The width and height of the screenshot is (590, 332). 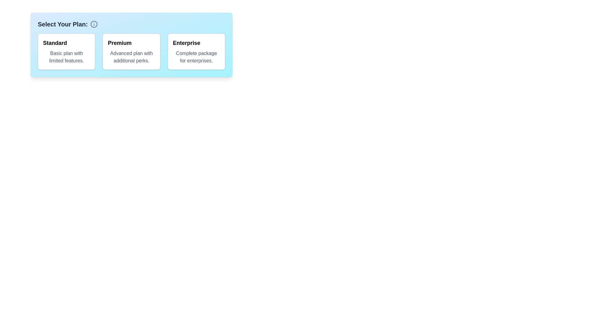 I want to click on text of the heading 'Enterprise' styled in bold within the third choice card under 'Select Your Plan', so click(x=186, y=42).